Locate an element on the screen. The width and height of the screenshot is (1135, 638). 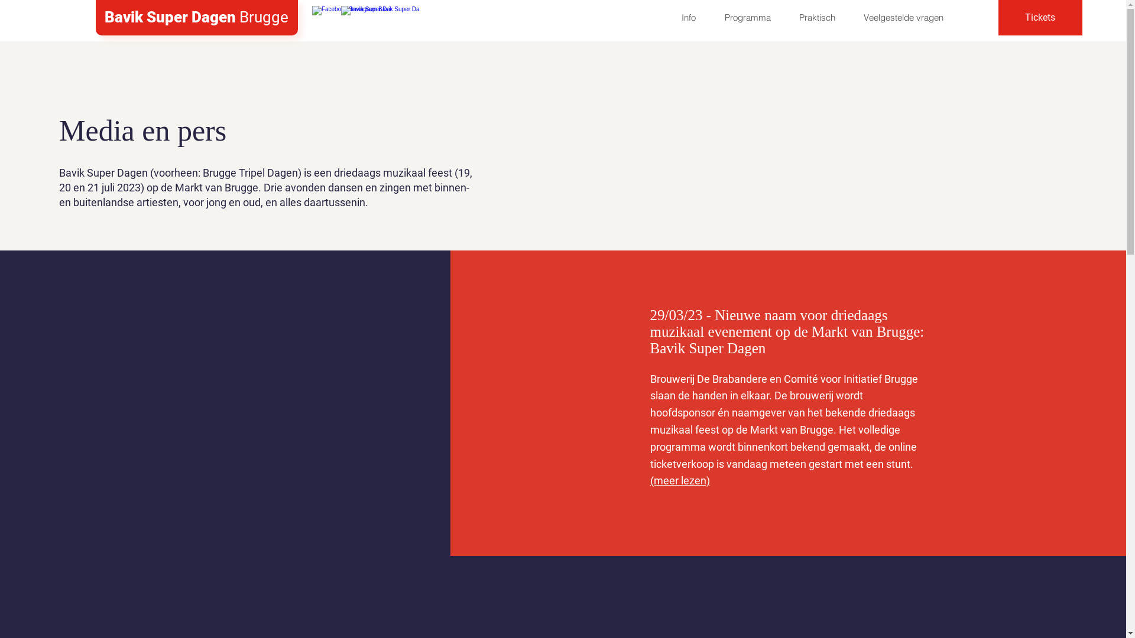
'Info' is located at coordinates (689, 18).